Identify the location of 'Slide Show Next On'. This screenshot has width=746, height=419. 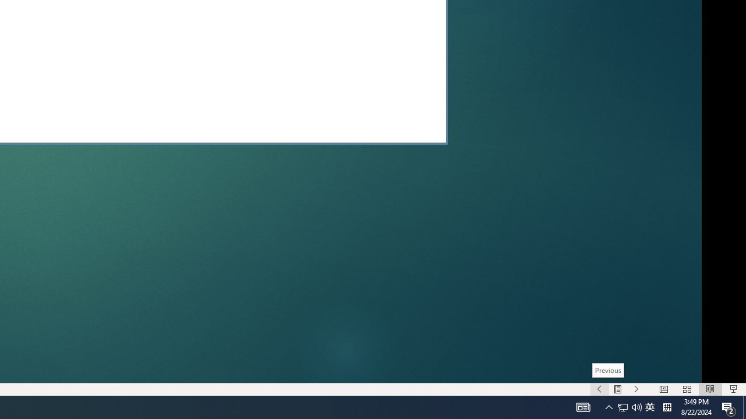
(636, 389).